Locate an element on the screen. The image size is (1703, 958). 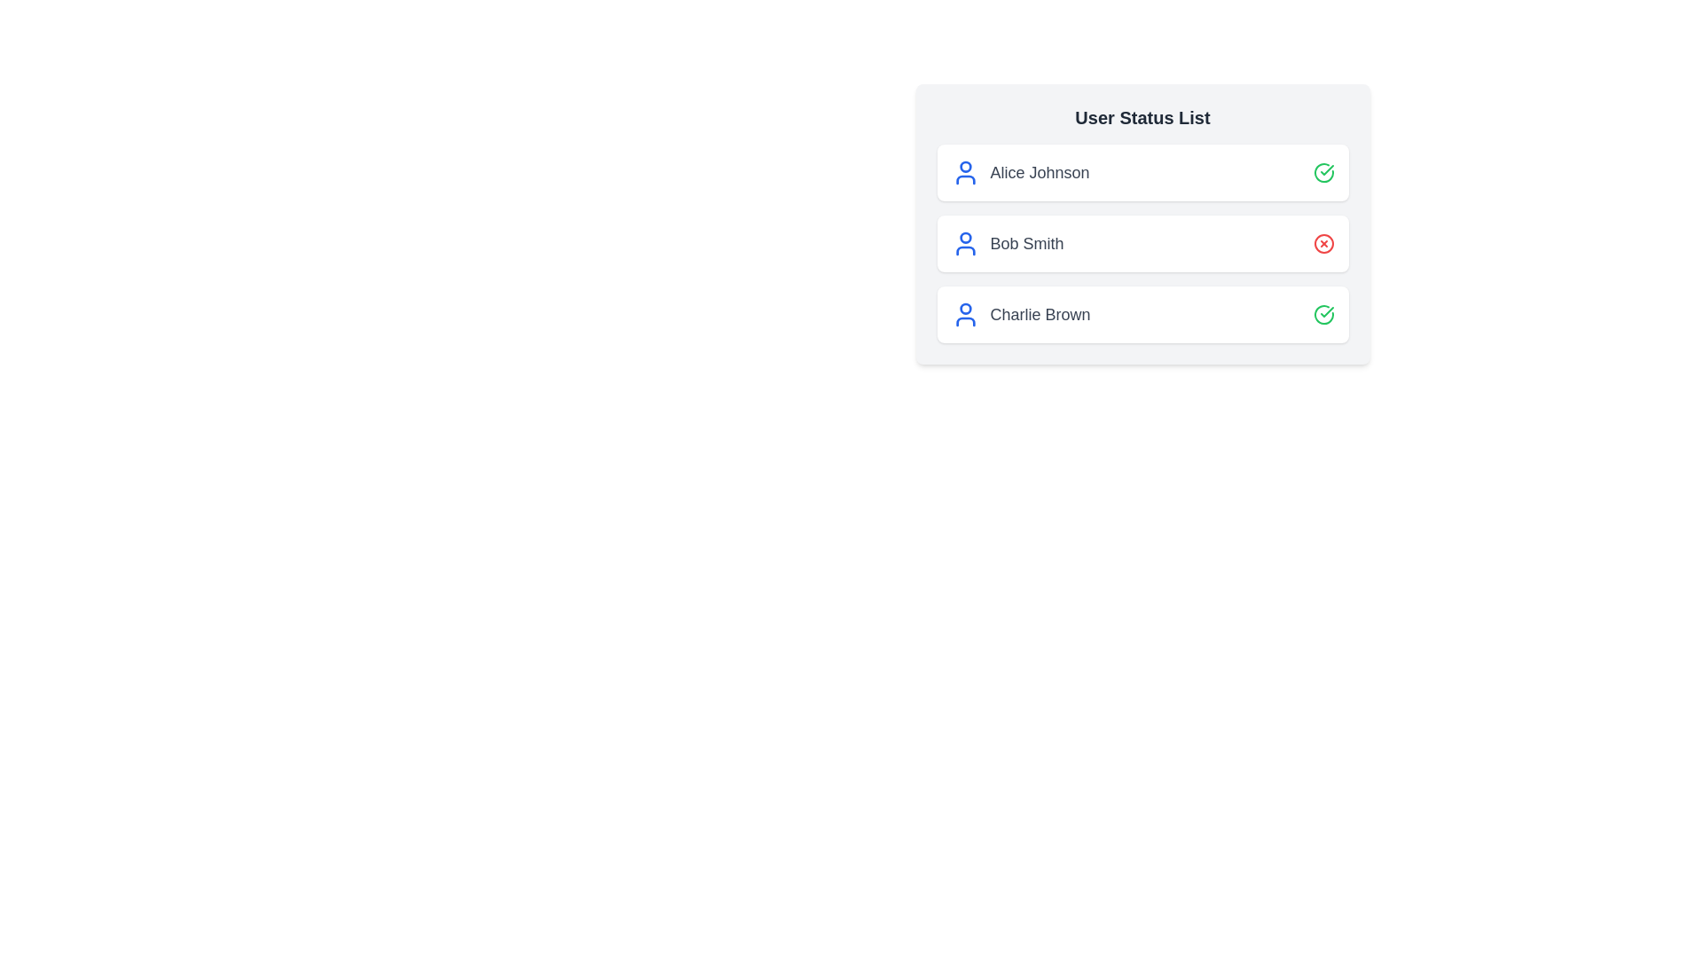
the user name Charlie Brown to view their details is located at coordinates (1040, 313).